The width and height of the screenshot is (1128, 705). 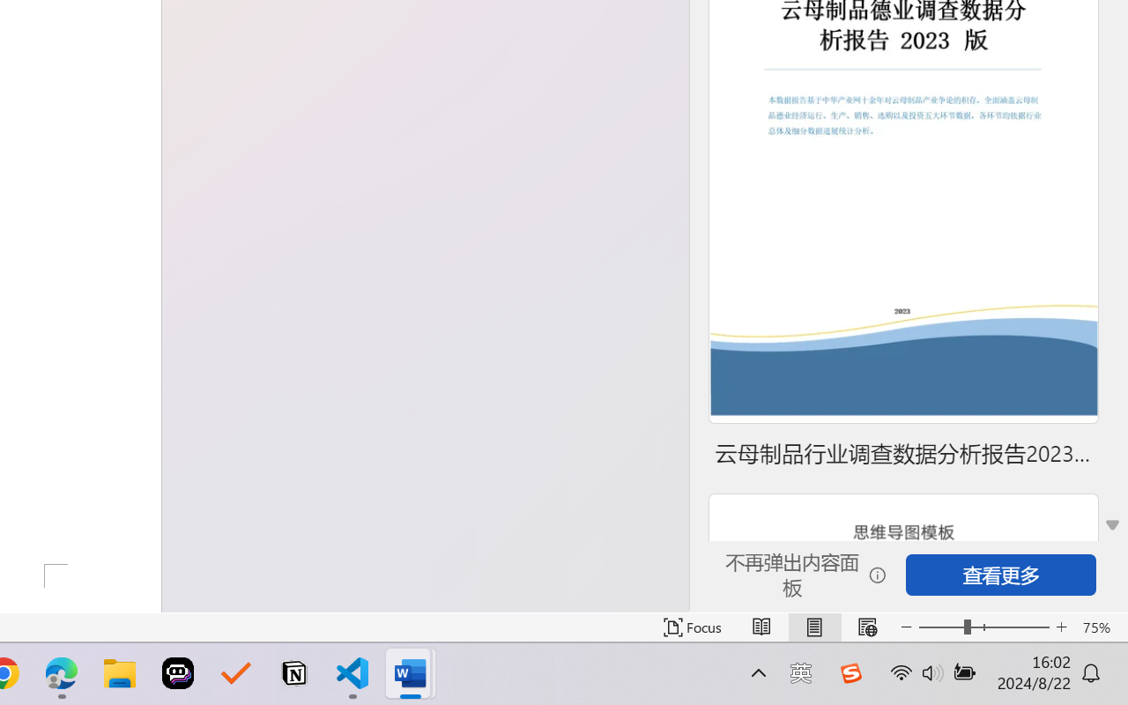 I want to click on 'Print Layout', so click(x=813, y=627).